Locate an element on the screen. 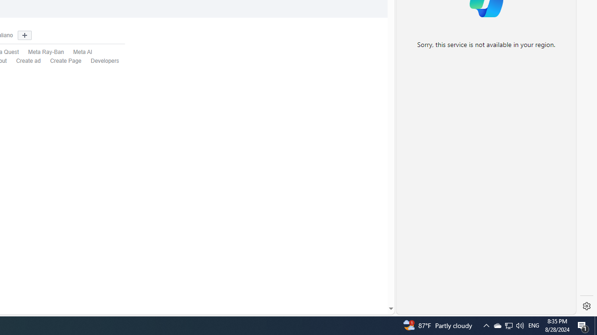  'Create ad' is located at coordinates (28, 61).